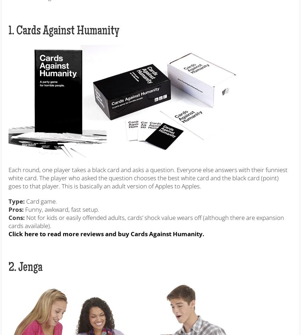 The height and width of the screenshot is (335, 301). Describe the element at coordinates (17, 217) in the screenshot. I see `'Cons:'` at that location.